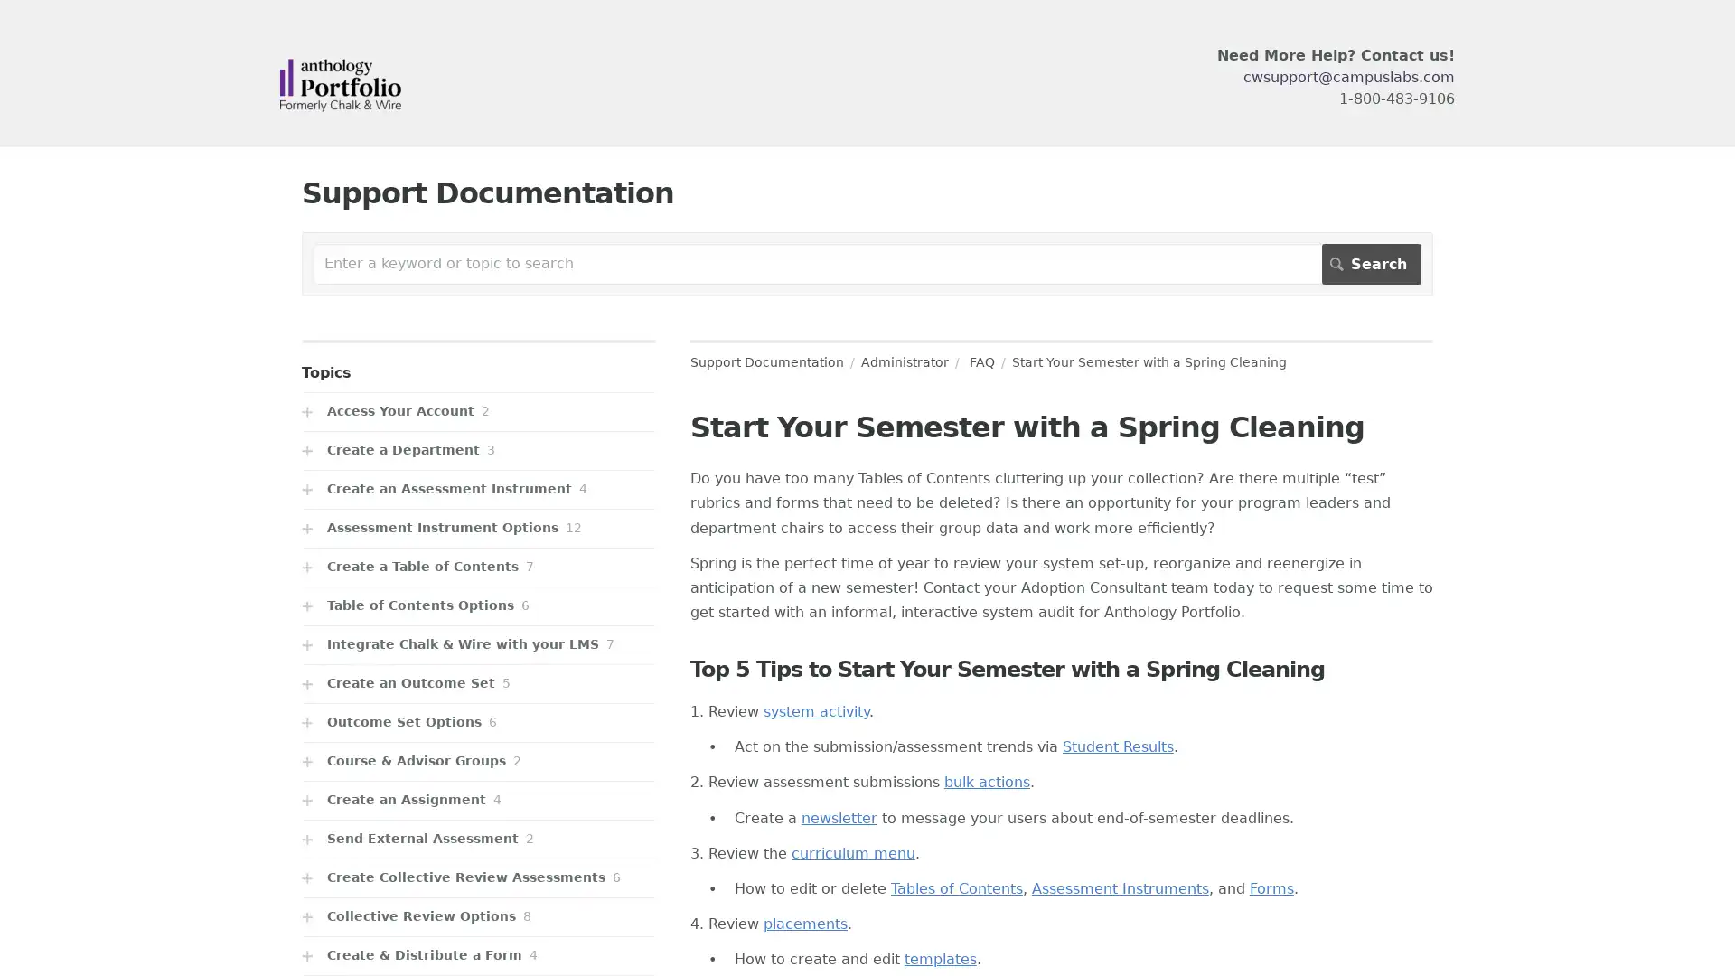  I want to click on Create an Outcome Set 5, so click(478, 683).